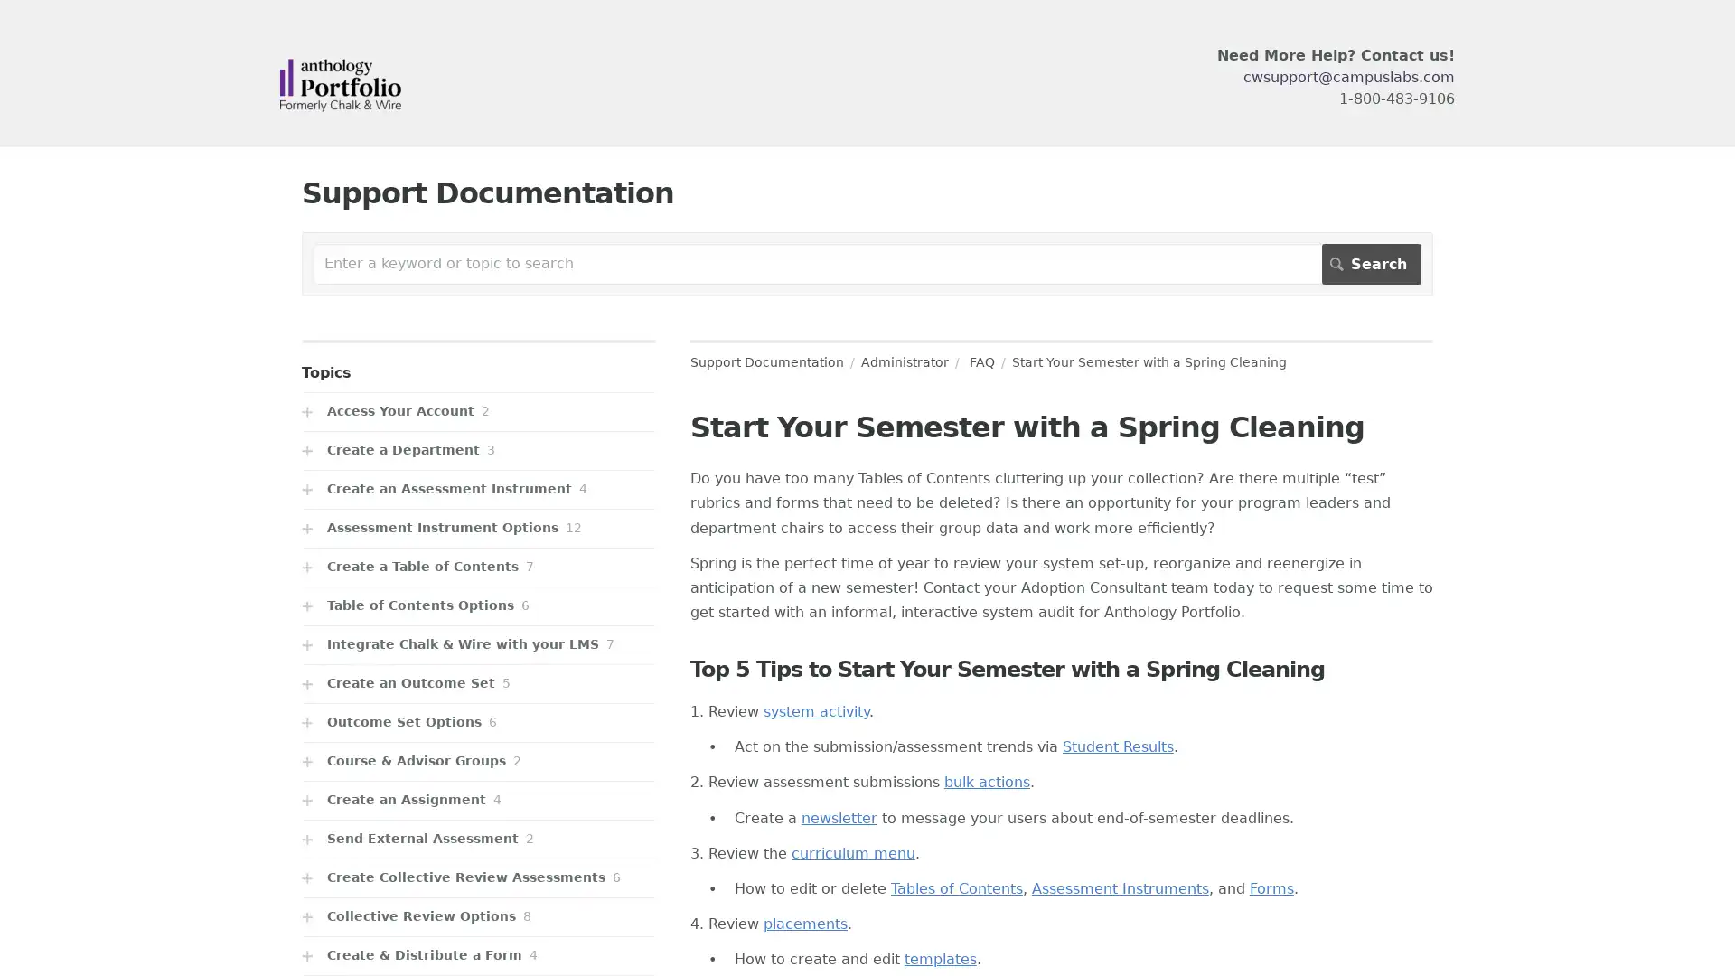  I want to click on Create an Outcome Set 5, so click(478, 683).